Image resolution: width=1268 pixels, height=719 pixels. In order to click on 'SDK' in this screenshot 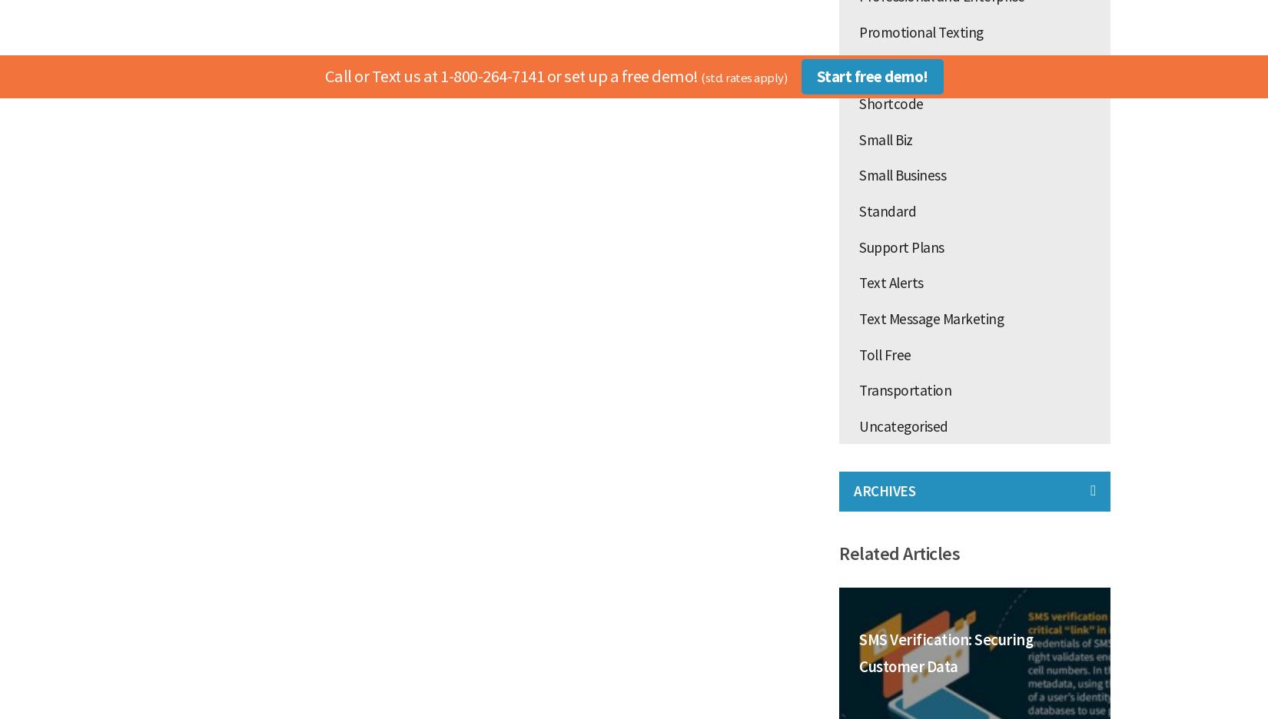, I will do `click(871, 66)`.